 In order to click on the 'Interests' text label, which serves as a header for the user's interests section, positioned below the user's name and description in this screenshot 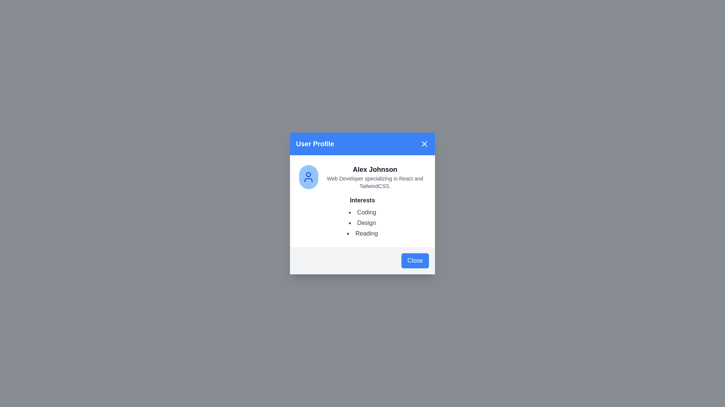, I will do `click(362, 200)`.